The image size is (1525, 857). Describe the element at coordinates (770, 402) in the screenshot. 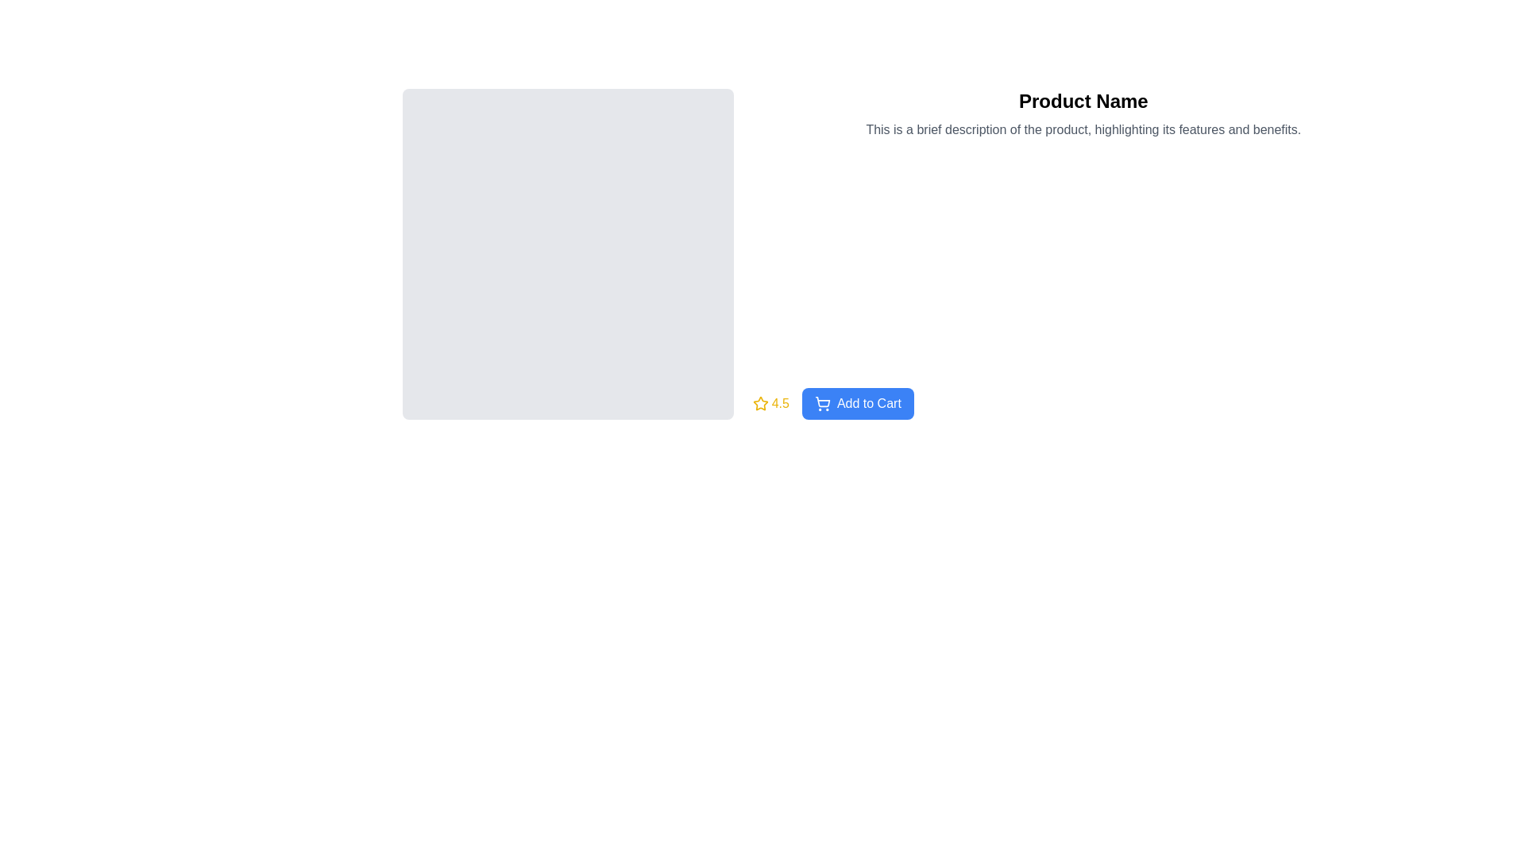

I see `the Rating Display element which shows a star icon and the rating '4.5' in yellow, located to the left of the 'Add to Cart' button` at that location.